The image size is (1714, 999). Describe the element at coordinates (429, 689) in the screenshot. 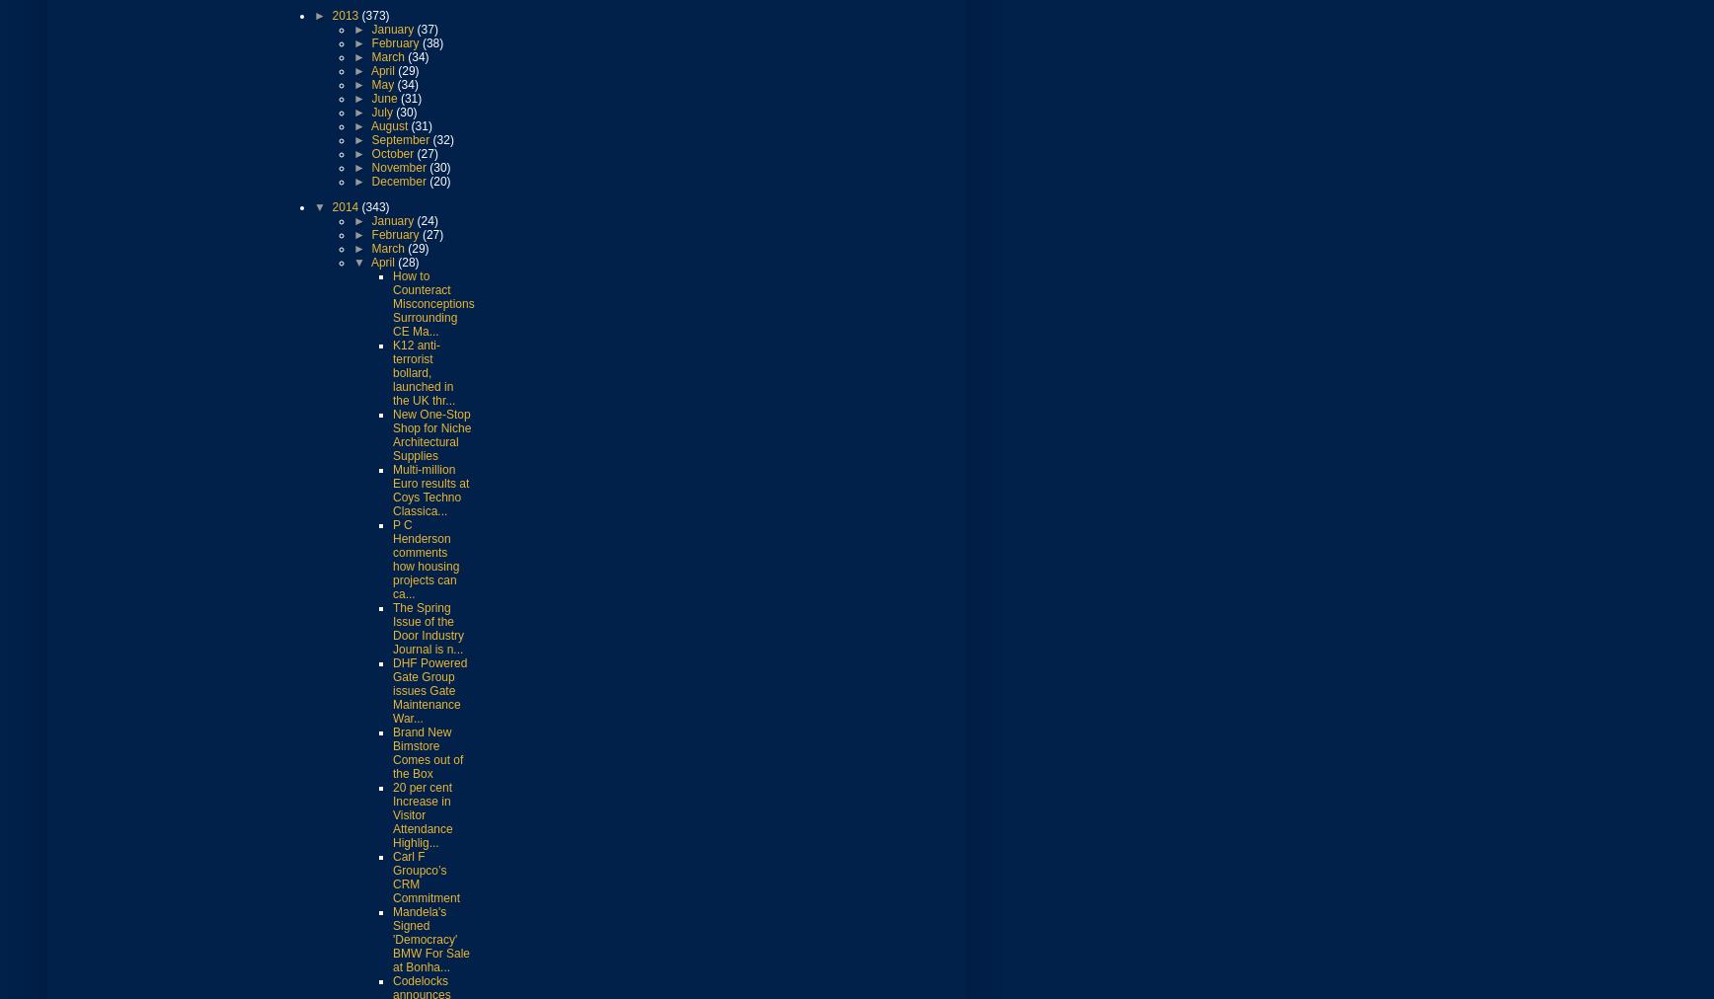

I see `'DHF Powered Gate Group issues Gate Maintenance War...'` at that location.